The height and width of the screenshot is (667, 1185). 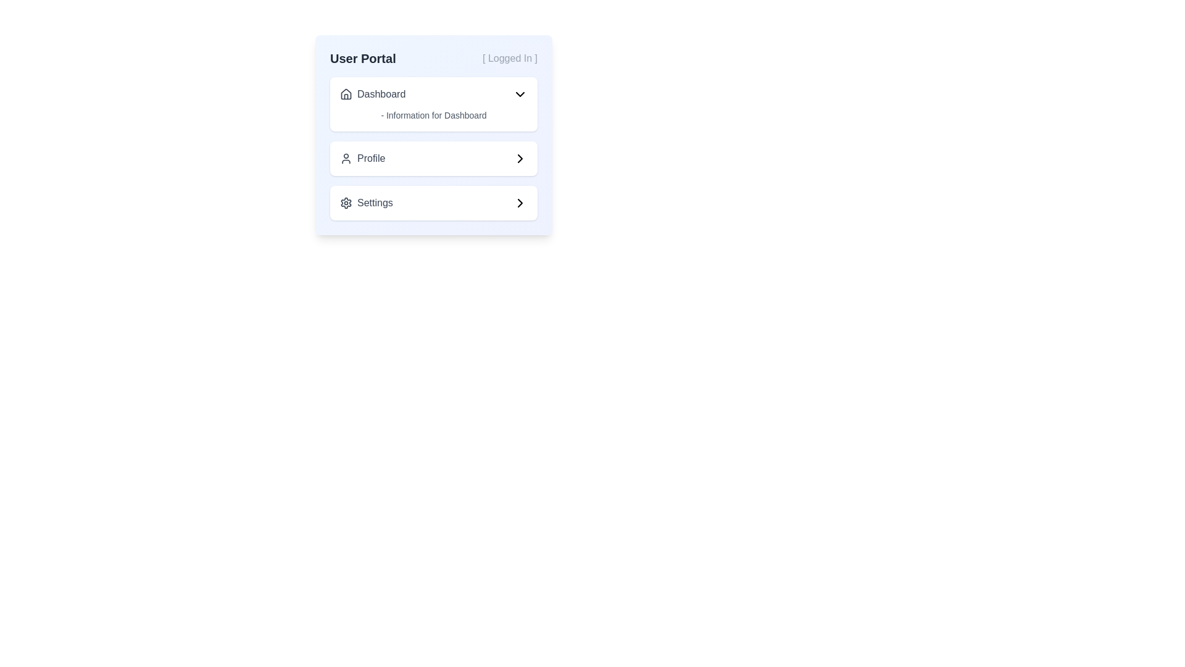 What do you see at coordinates (362, 158) in the screenshot?
I see `the 'Profile' text label` at bounding box center [362, 158].